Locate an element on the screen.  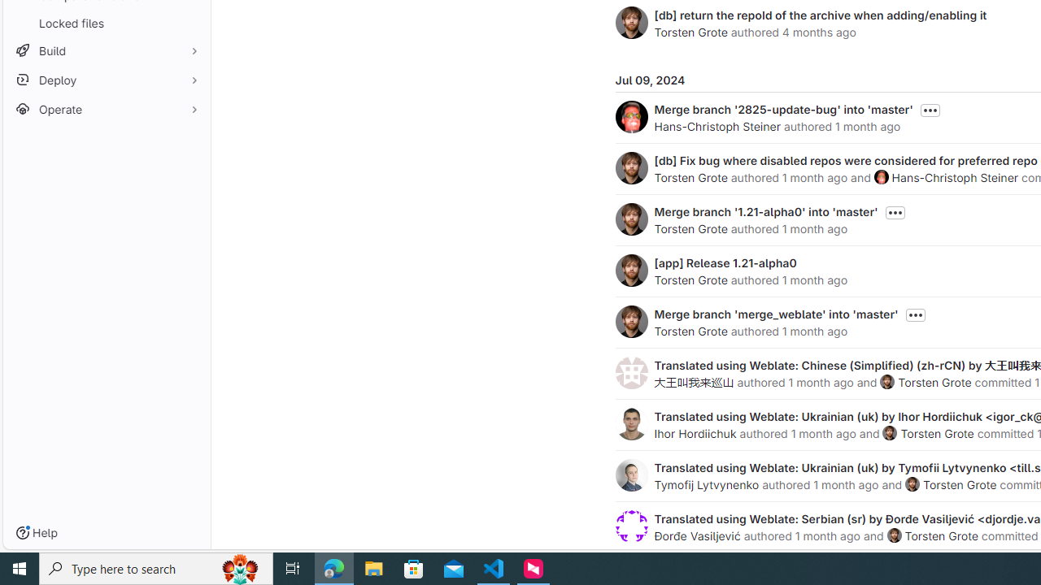
'[app] Release 1.21-alpha0' is located at coordinates (725, 262).